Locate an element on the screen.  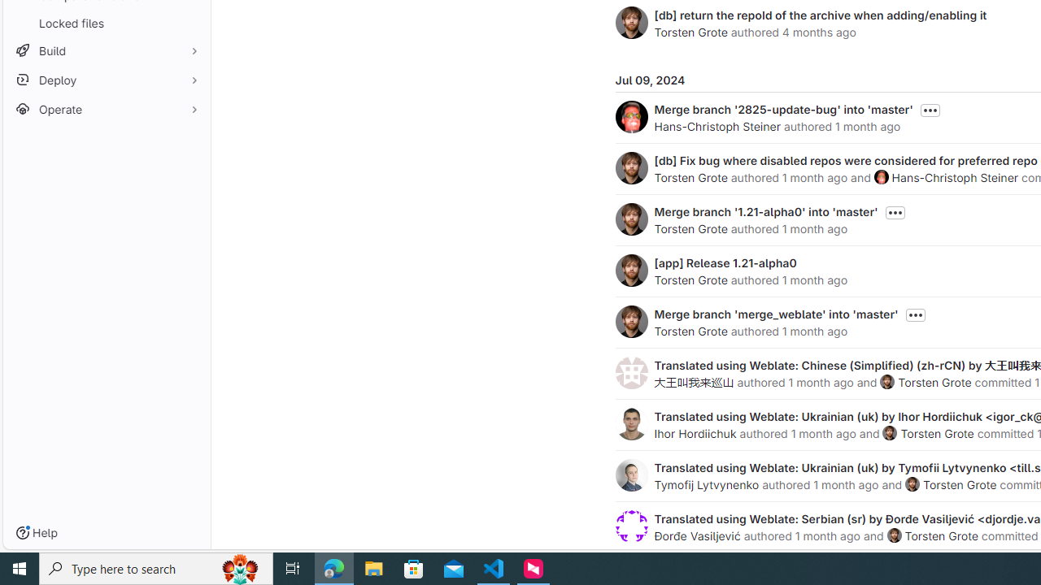
'[app] Release 1.21-alpha0' is located at coordinates (725, 262).